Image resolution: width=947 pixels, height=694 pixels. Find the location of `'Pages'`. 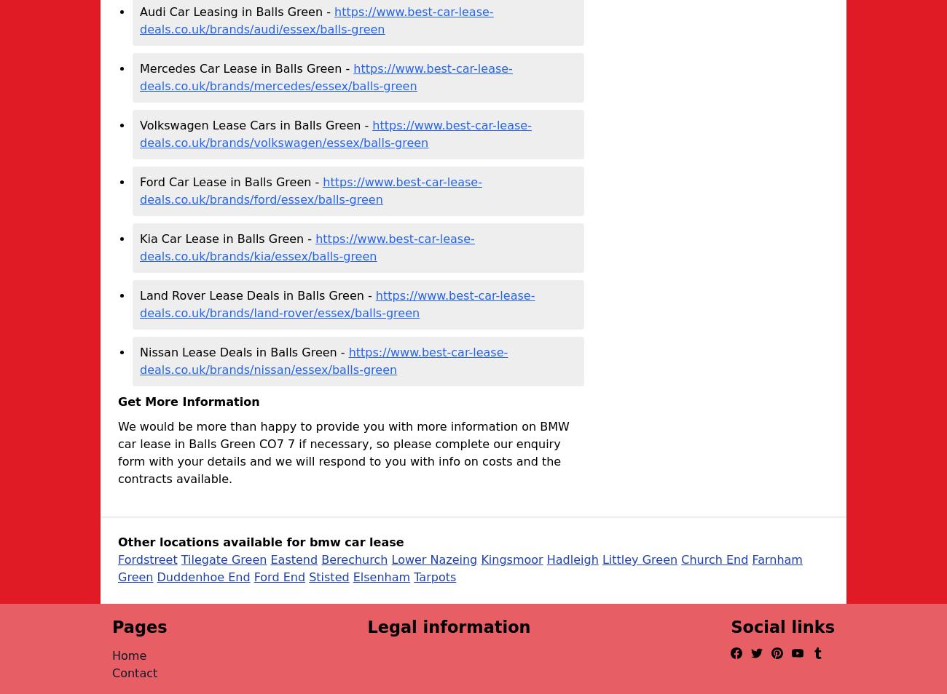

'Pages' is located at coordinates (139, 627).